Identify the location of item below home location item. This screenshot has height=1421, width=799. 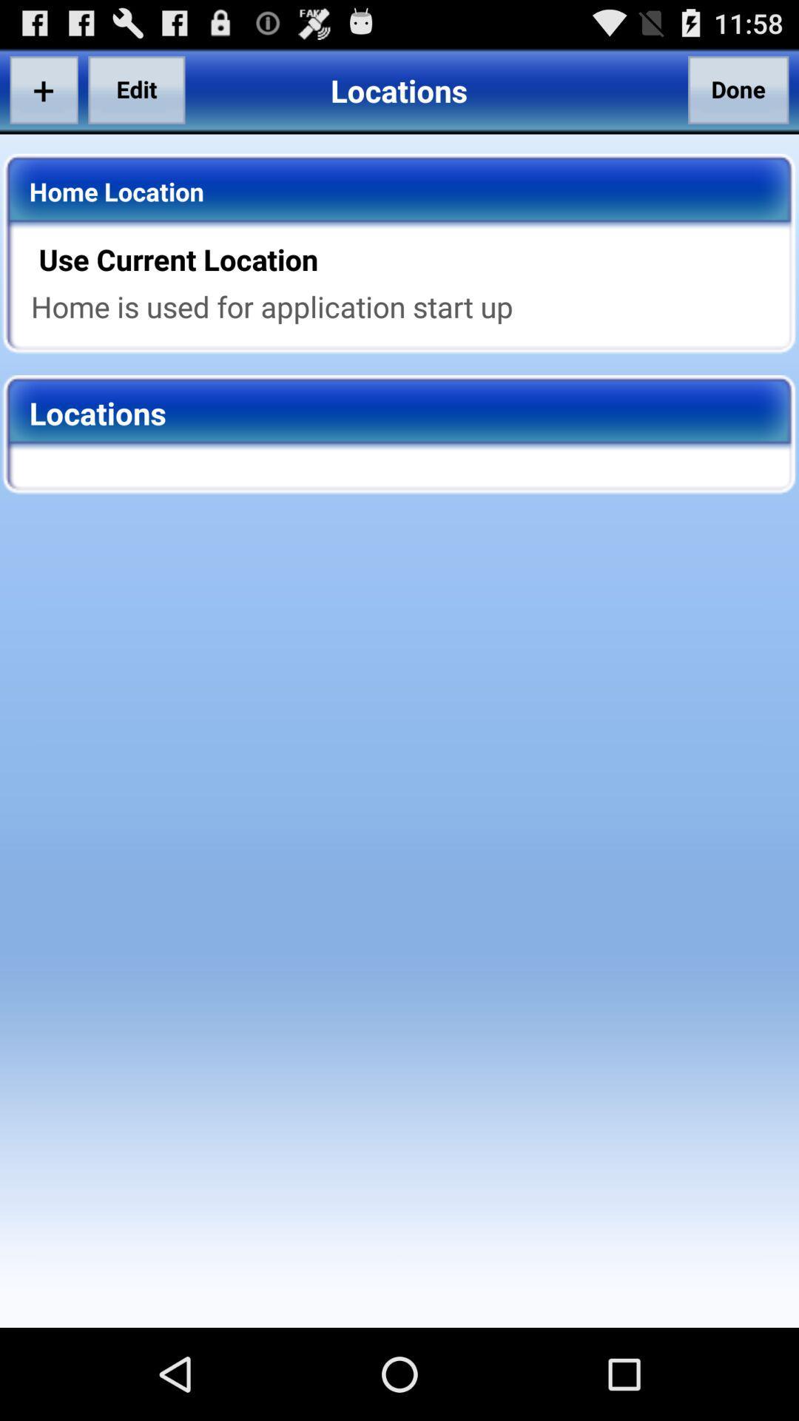
(409, 259).